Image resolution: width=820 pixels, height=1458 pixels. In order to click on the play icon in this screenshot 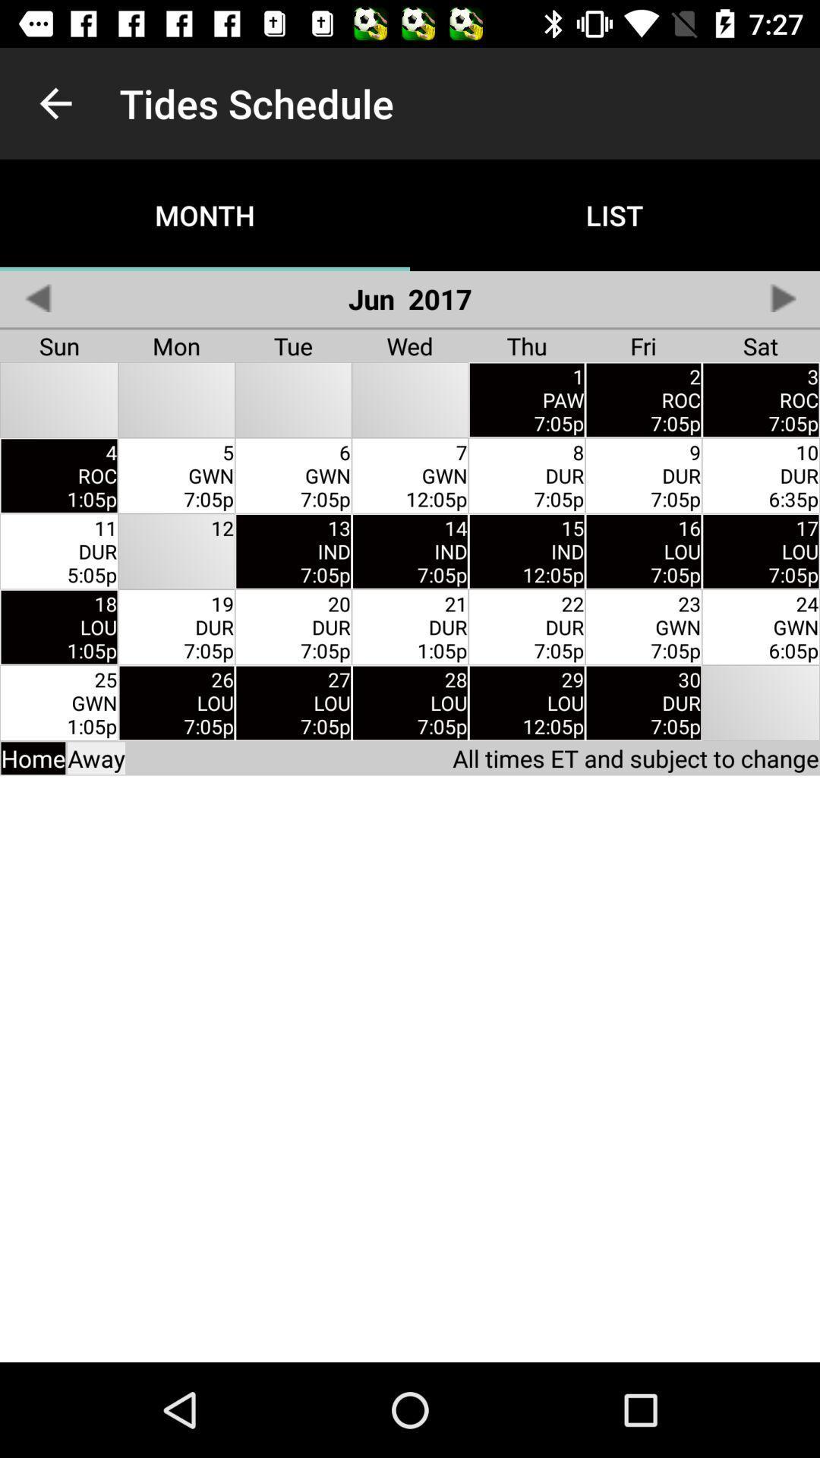, I will do `click(782, 298)`.